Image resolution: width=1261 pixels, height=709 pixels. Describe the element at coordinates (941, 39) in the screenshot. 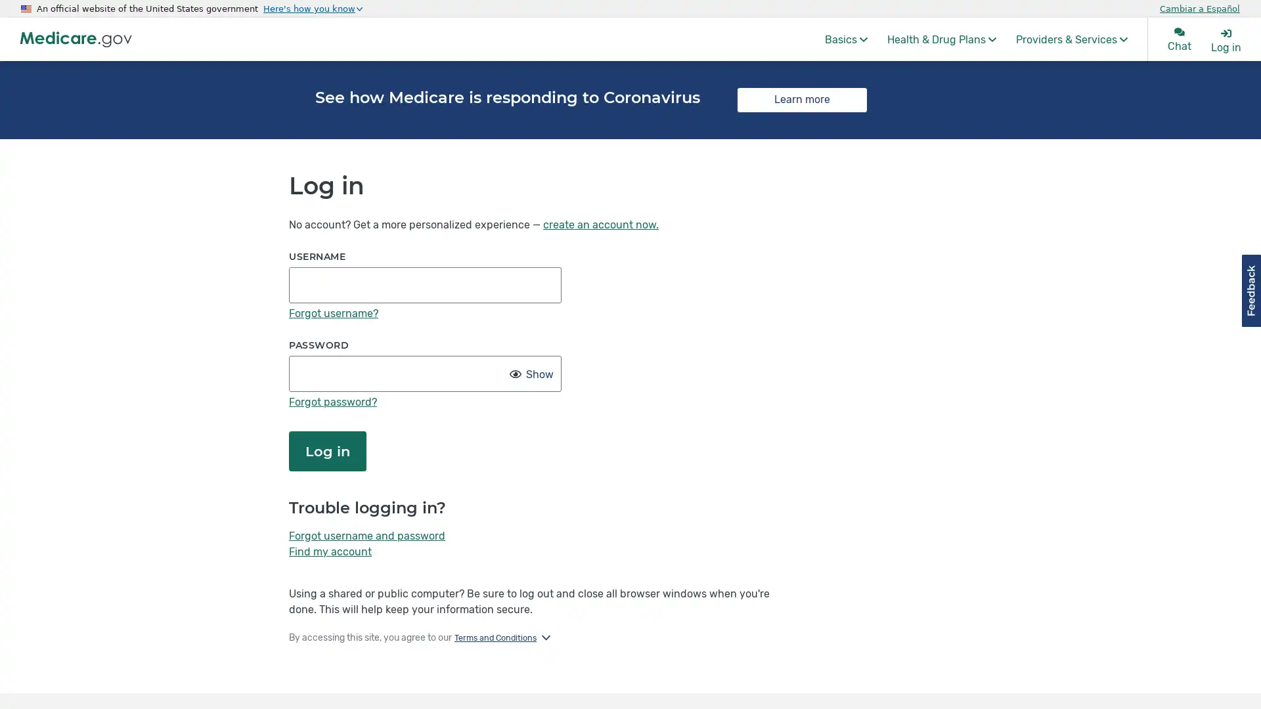

I see `Health & Drug Plans` at that location.